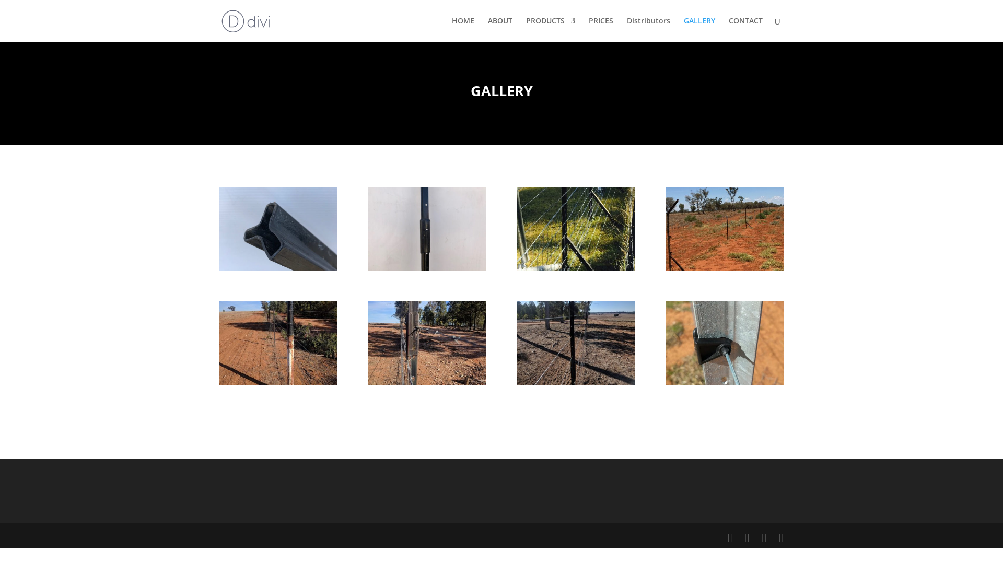 This screenshot has width=1003, height=564. I want to click on 'PRODUCTS', so click(526, 29).